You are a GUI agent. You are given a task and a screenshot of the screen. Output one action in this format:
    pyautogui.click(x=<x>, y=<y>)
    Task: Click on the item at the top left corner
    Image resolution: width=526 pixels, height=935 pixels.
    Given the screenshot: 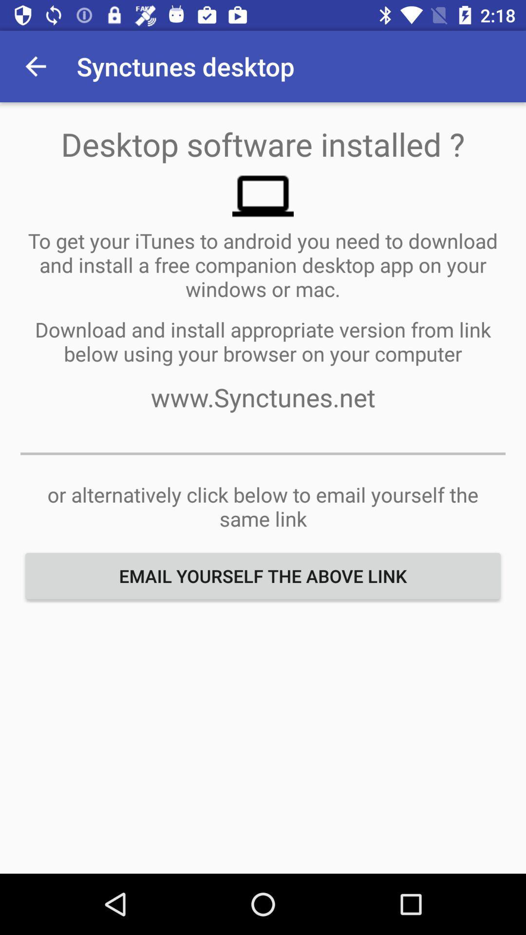 What is the action you would take?
    pyautogui.click(x=35, y=66)
    